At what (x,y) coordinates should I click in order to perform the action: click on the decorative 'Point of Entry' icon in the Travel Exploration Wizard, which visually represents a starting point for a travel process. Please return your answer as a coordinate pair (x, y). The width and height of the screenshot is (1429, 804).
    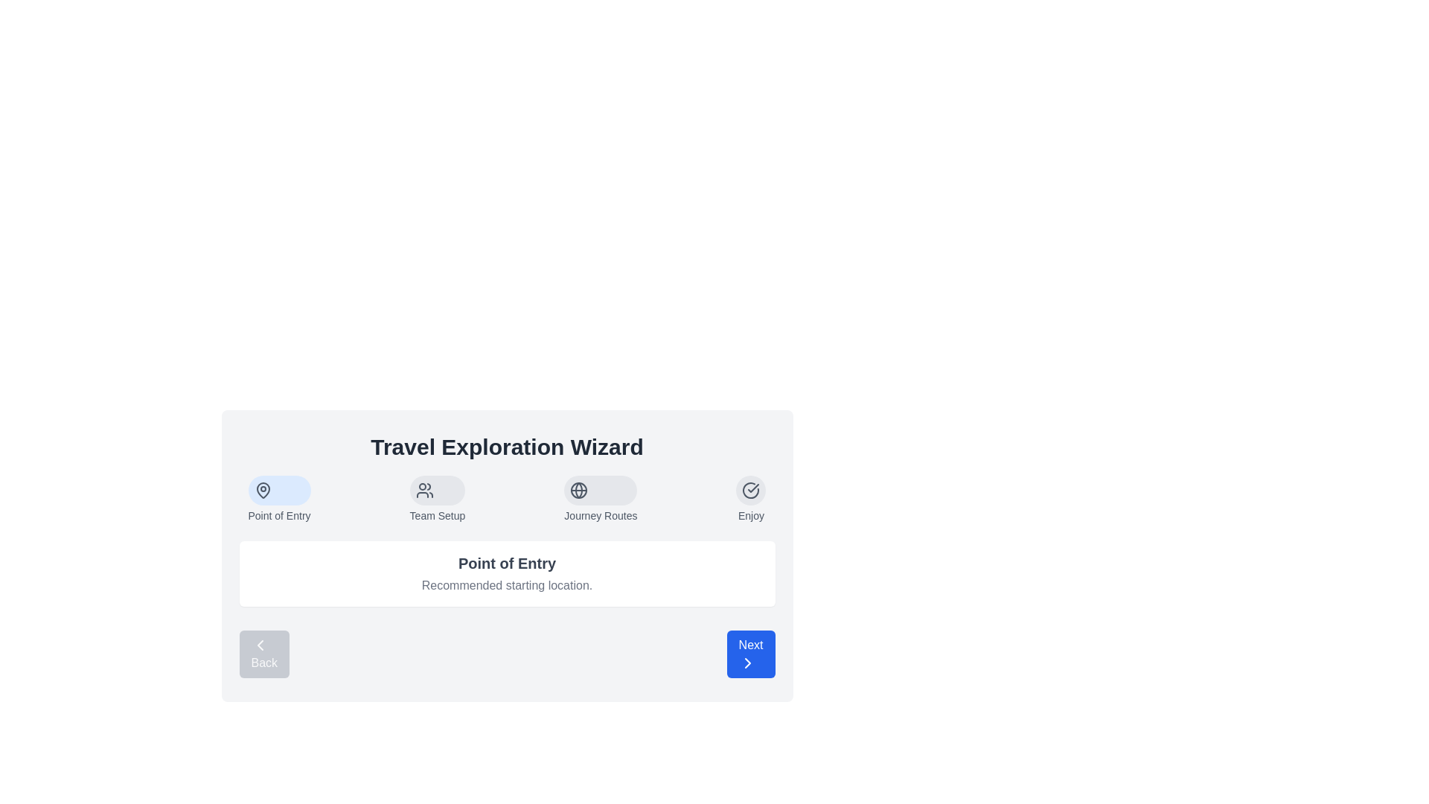
    Looking at the image, I should click on (263, 491).